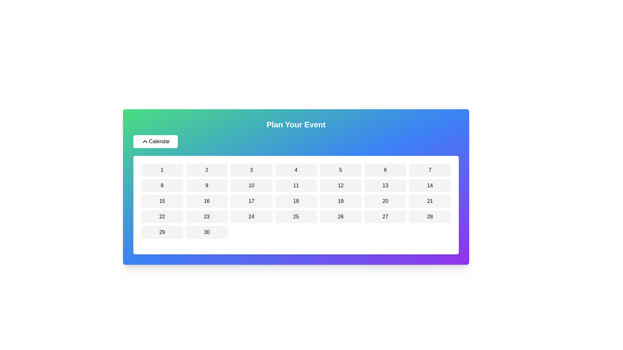  I want to click on the upward-pointing chevron icon inside the 'Calendar' button, so click(144, 141).